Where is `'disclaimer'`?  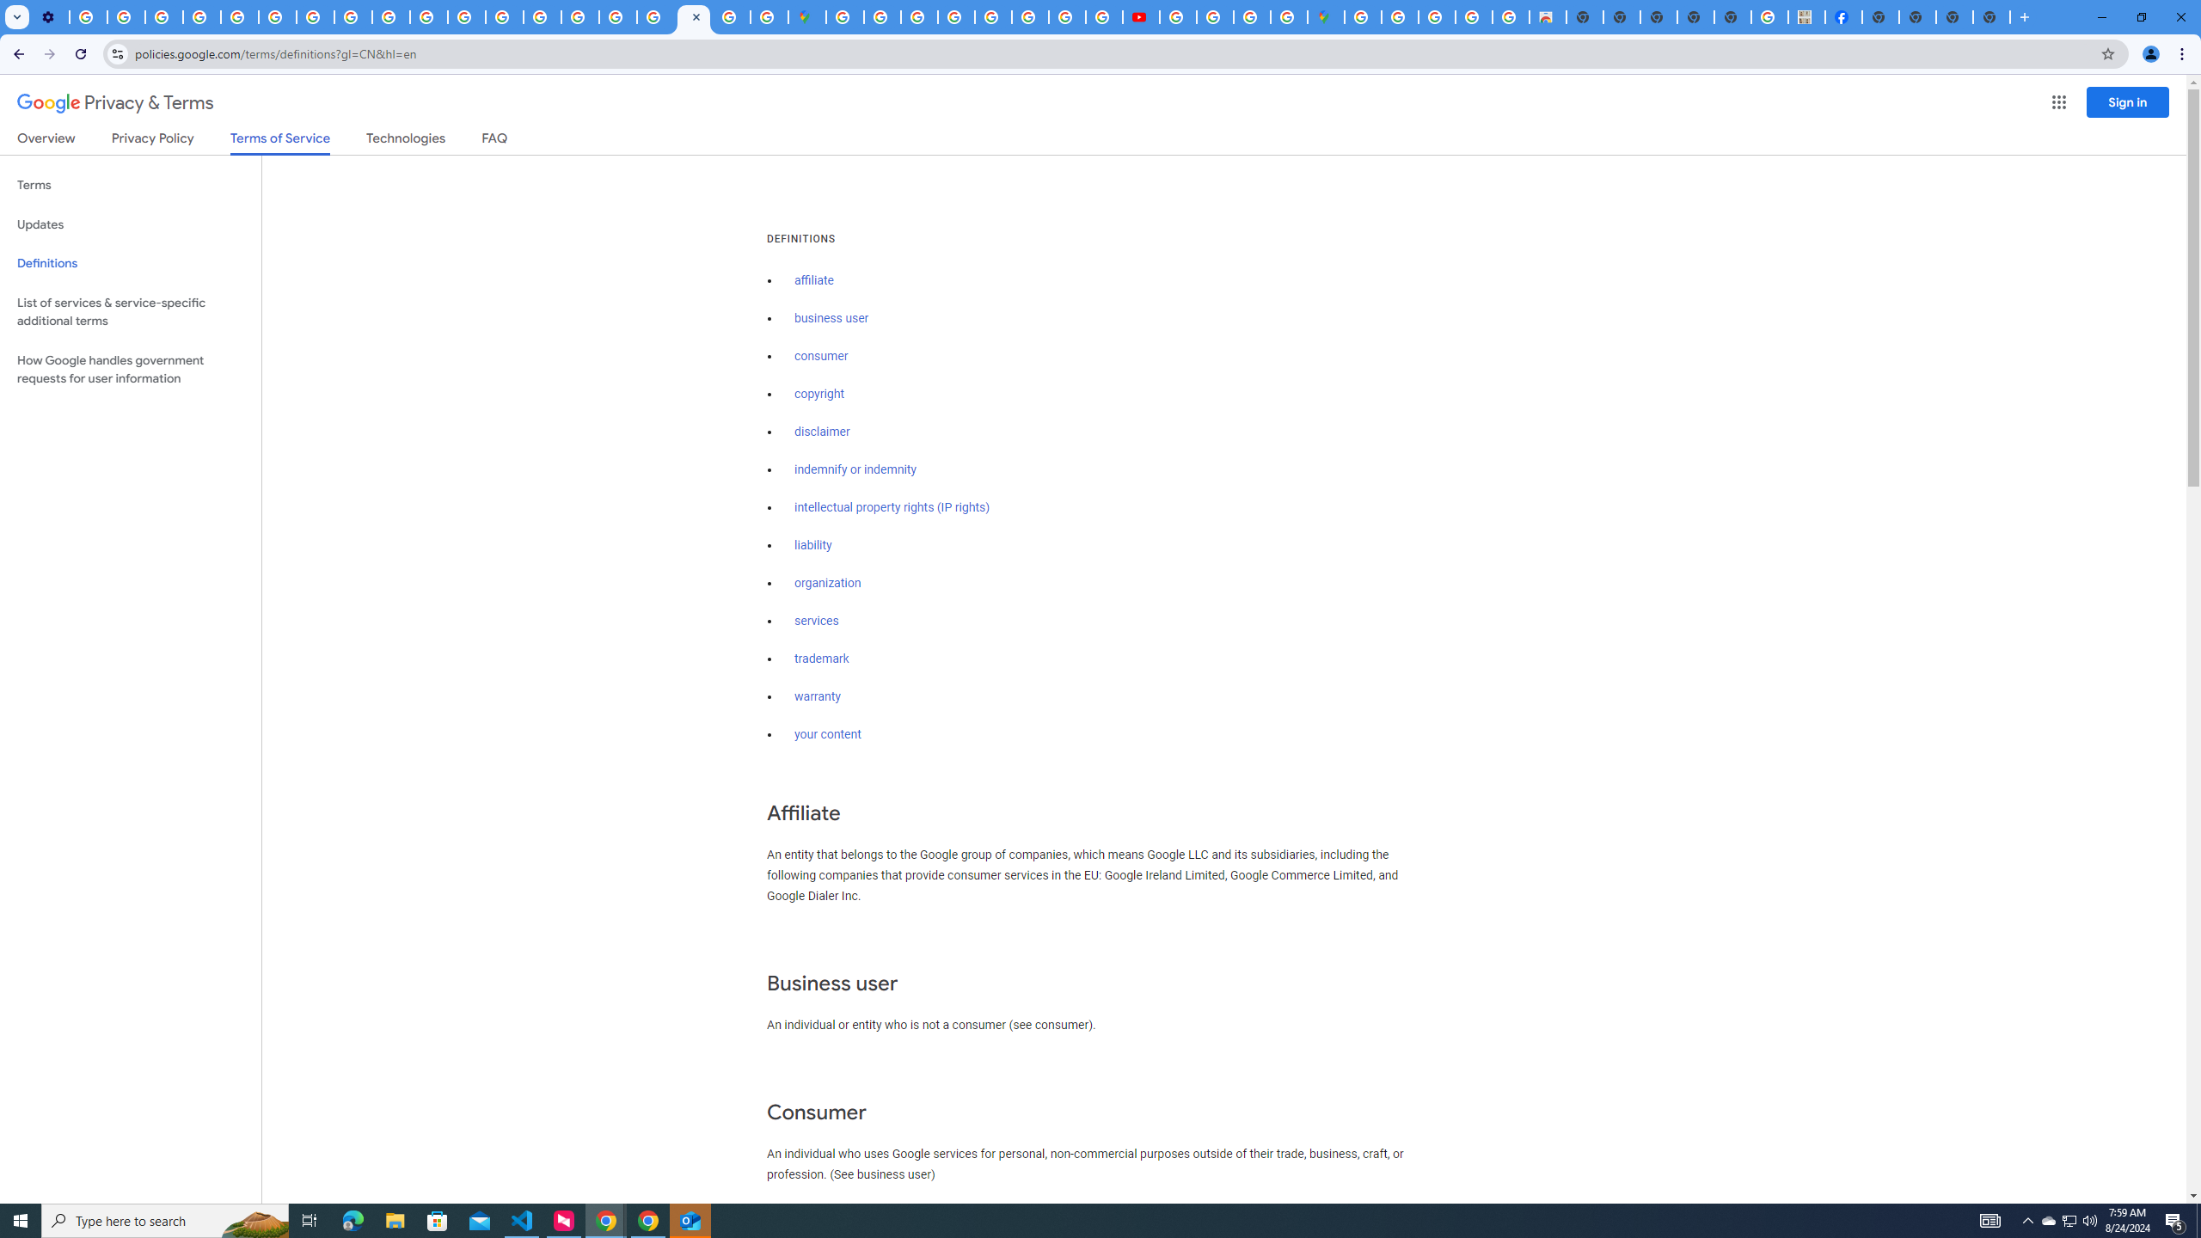
'disclaimer' is located at coordinates (821, 432).